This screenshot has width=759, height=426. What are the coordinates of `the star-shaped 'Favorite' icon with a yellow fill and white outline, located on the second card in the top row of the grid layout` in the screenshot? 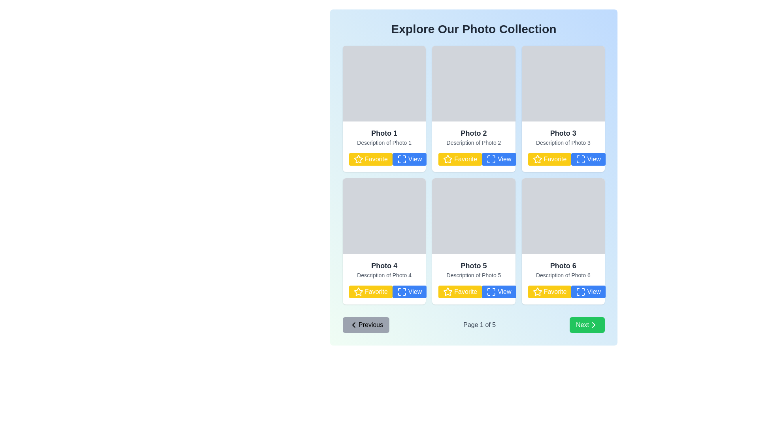 It's located at (448, 159).